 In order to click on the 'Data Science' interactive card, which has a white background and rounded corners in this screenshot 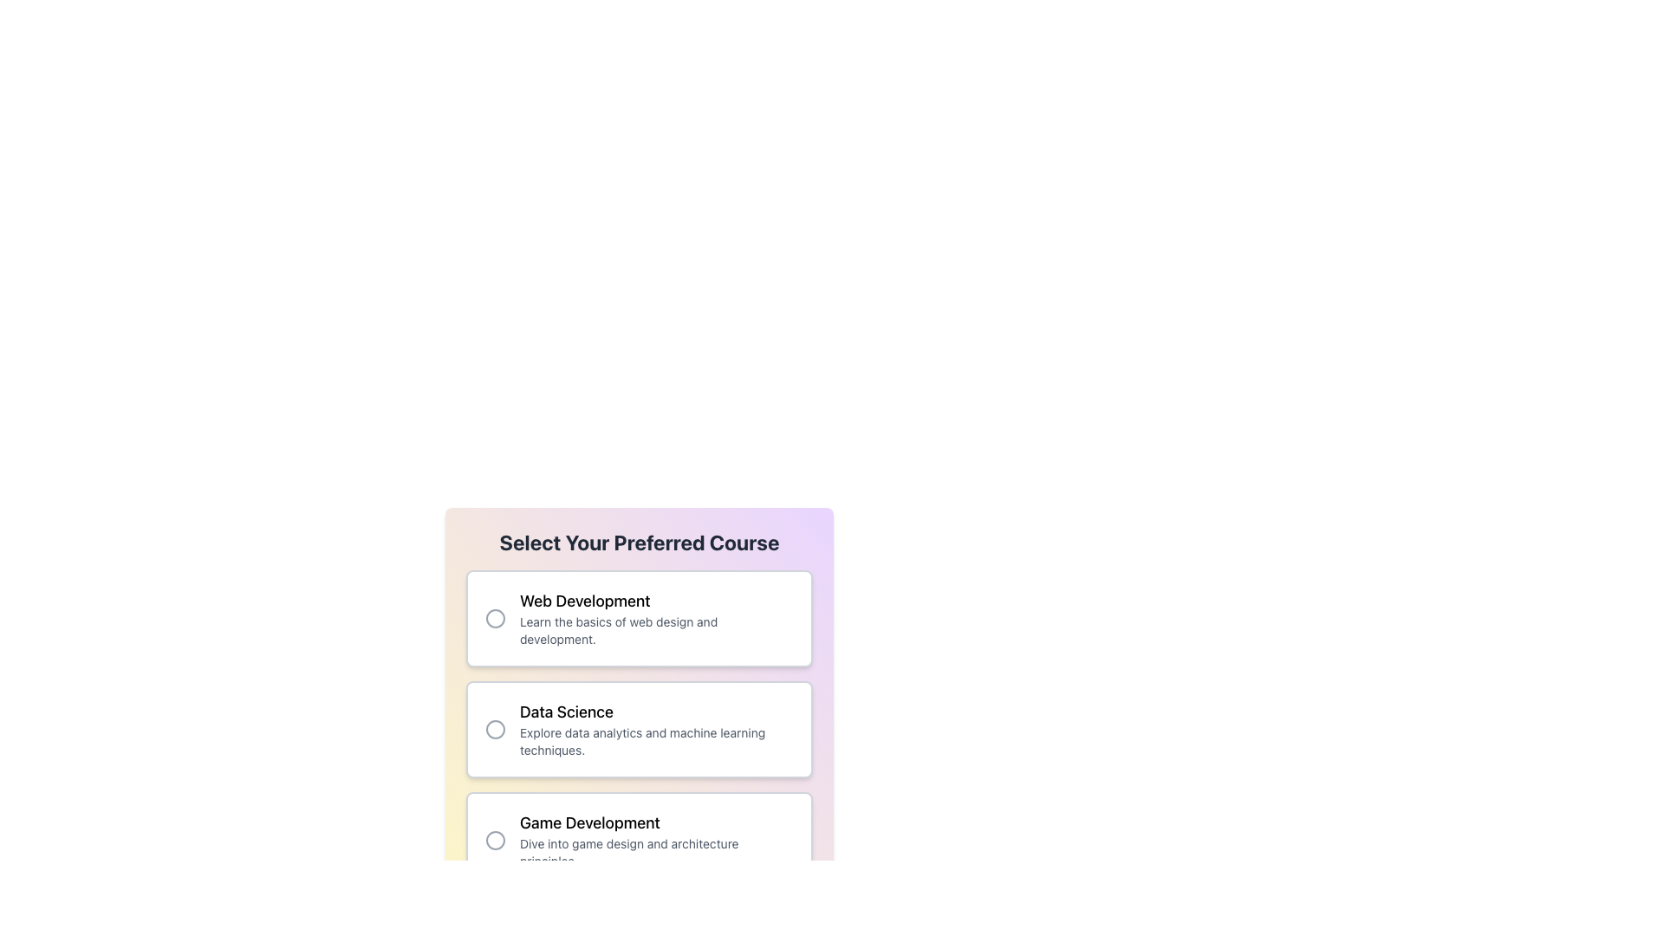, I will do `click(639, 729)`.